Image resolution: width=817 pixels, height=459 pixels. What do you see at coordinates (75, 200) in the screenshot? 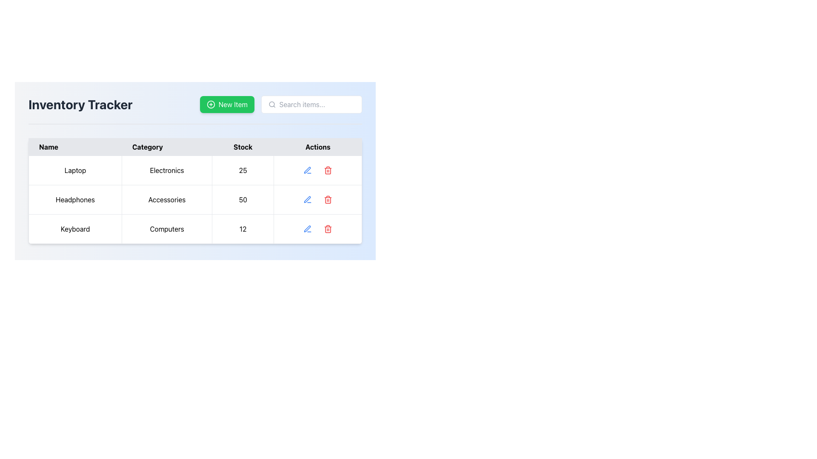
I see `the Text Label displaying the product name in the inventory list` at bounding box center [75, 200].